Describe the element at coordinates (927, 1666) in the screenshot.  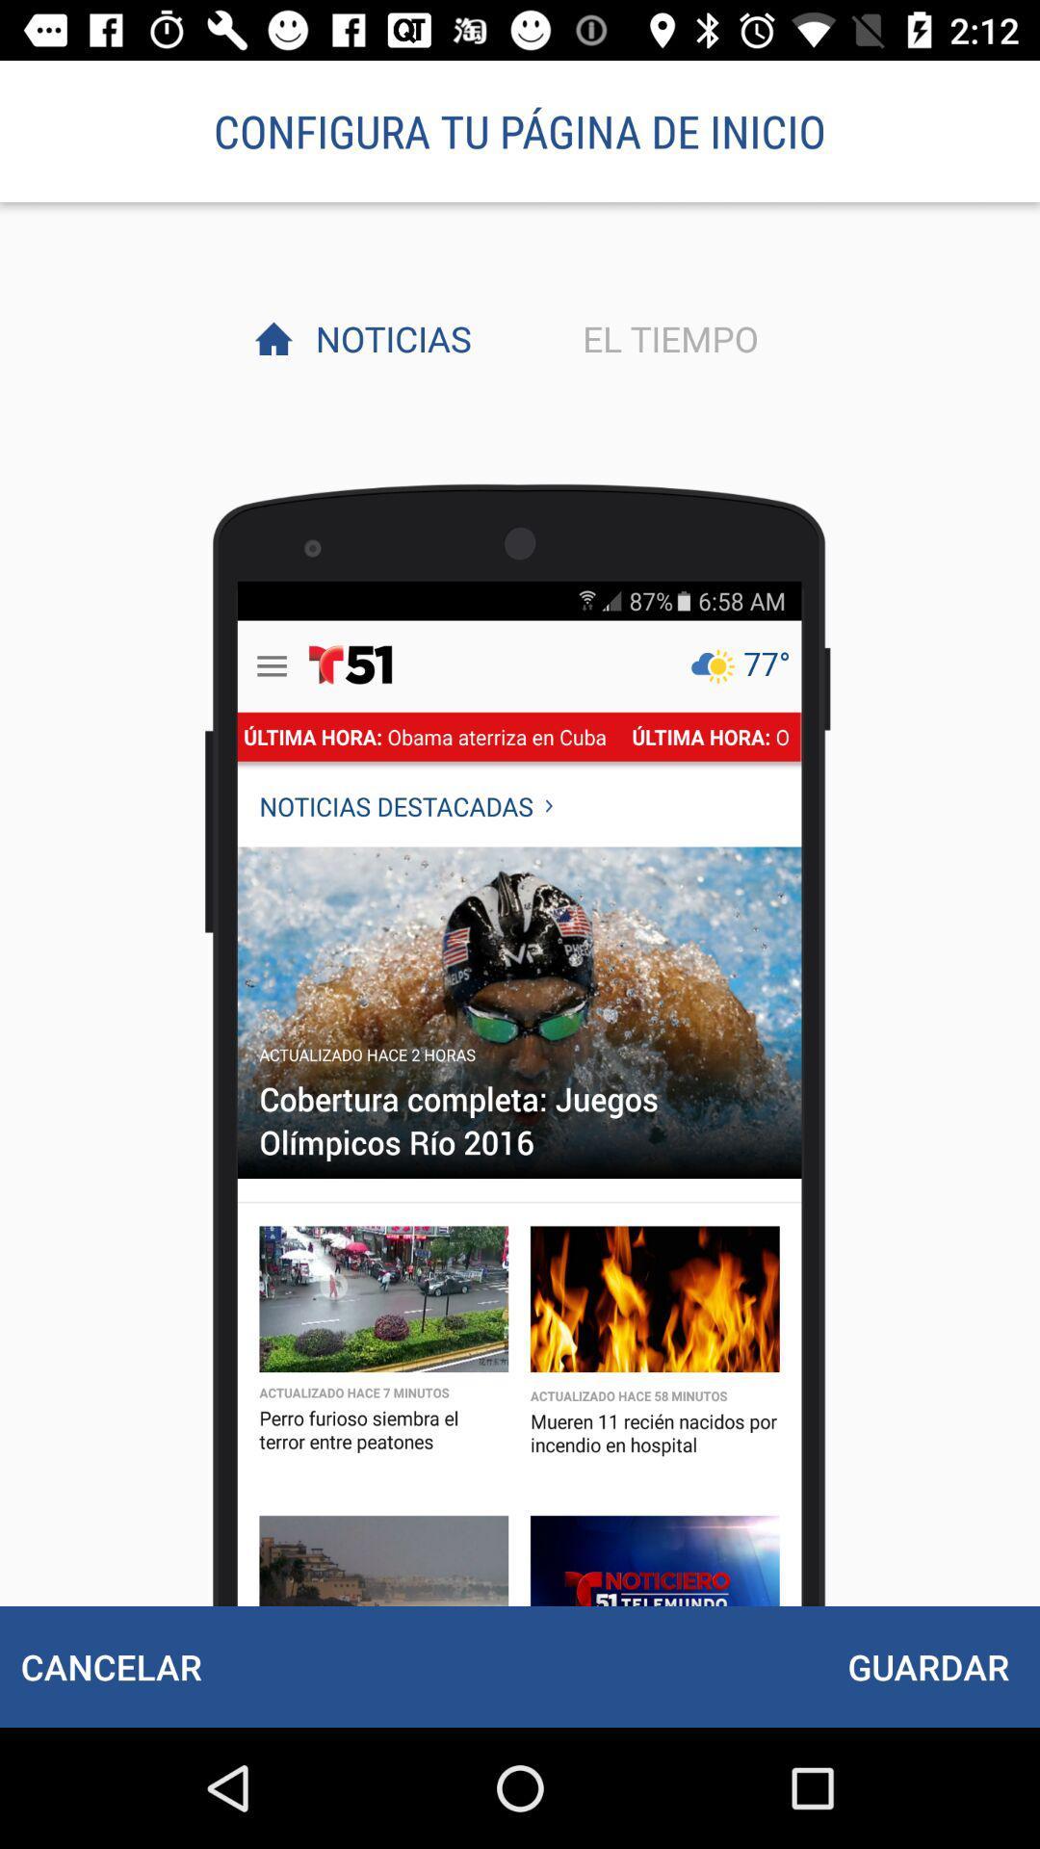
I see `the guardar` at that location.